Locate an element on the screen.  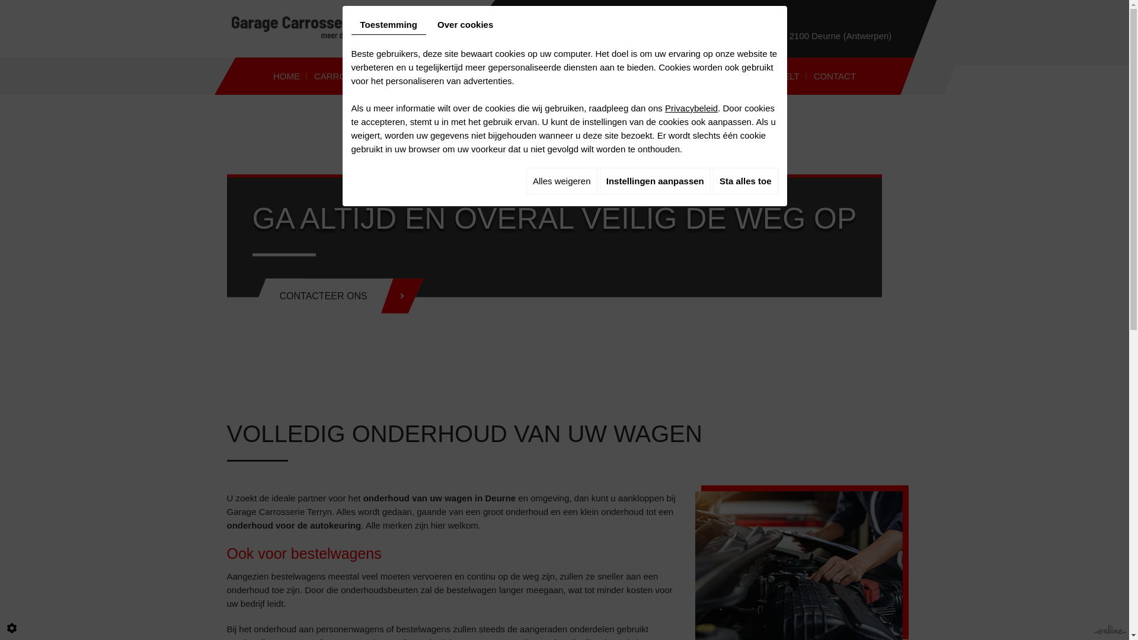
'Garage Carrosserie Terryn - Garage & carrosserie' is located at coordinates (231, 27).